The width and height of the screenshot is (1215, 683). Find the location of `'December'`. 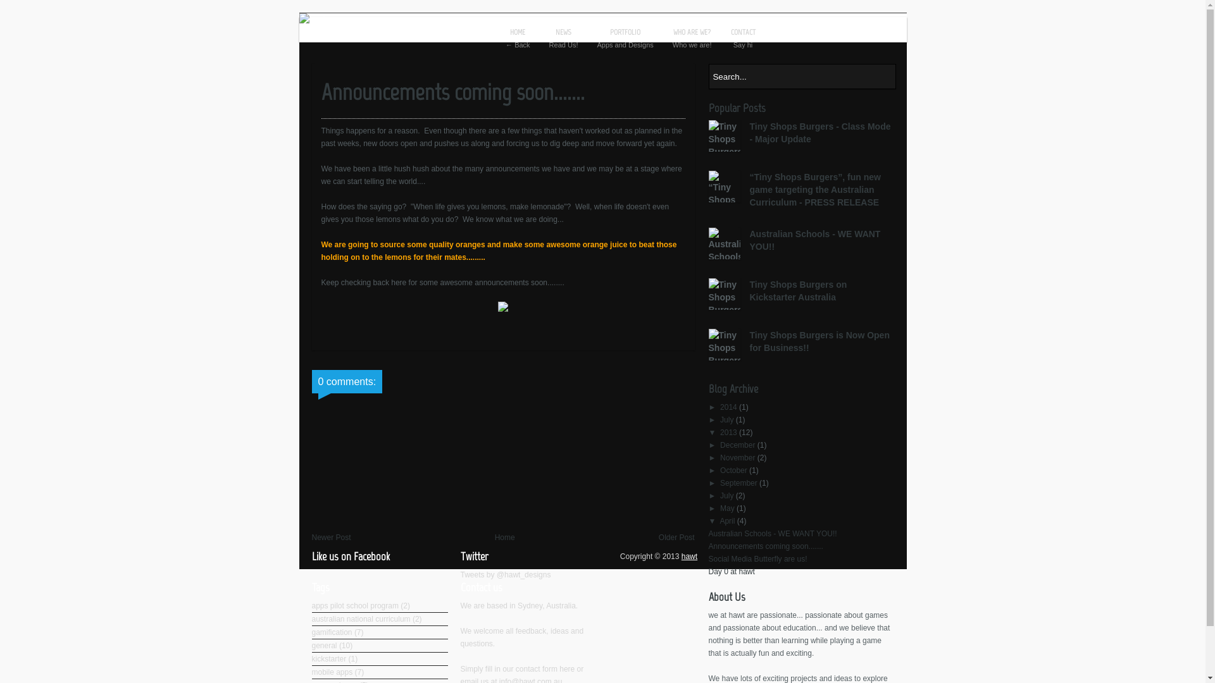

'December' is located at coordinates (738, 445).